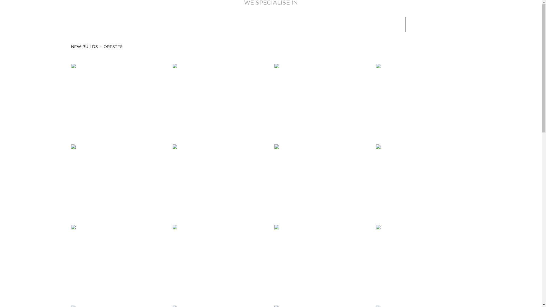 This screenshot has height=307, width=546. Describe the element at coordinates (498, 24) in the screenshot. I see `'REQUEST A MEETING'` at that location.